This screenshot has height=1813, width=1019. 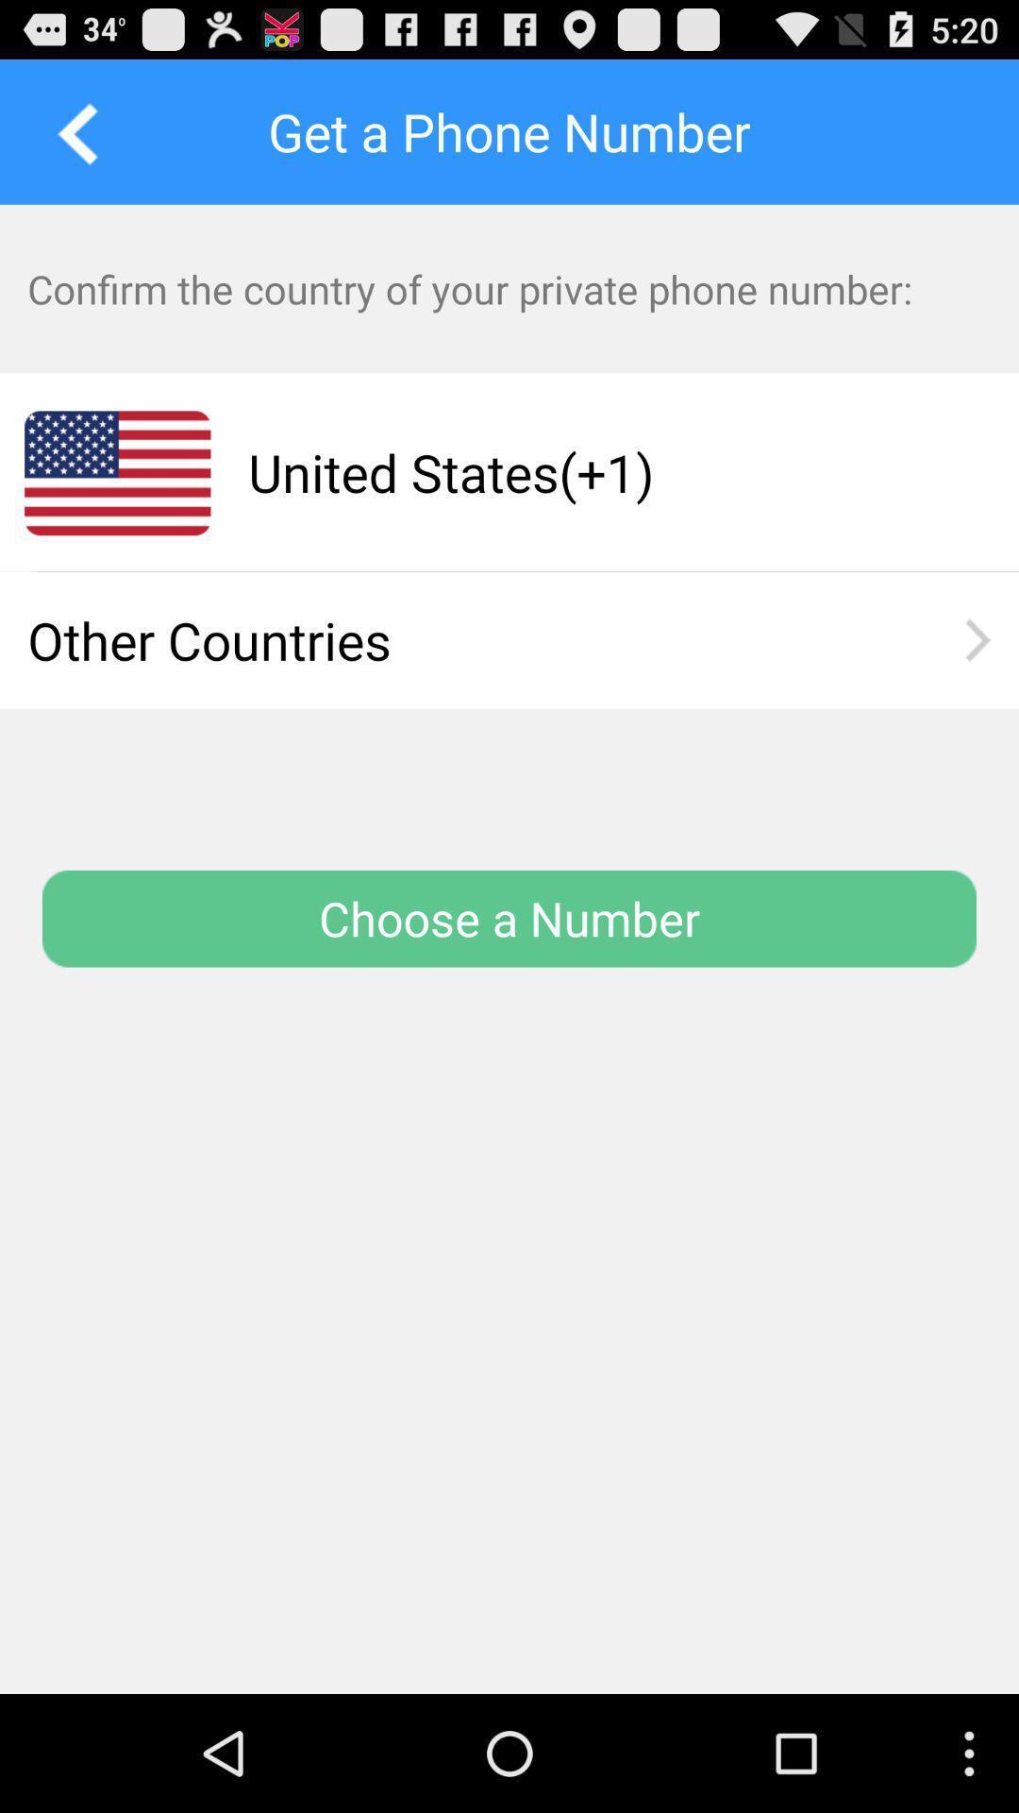 What do you see at coordinates (71, 130) in the screenshot?
I see `go back` at bounding box center [71, 130].